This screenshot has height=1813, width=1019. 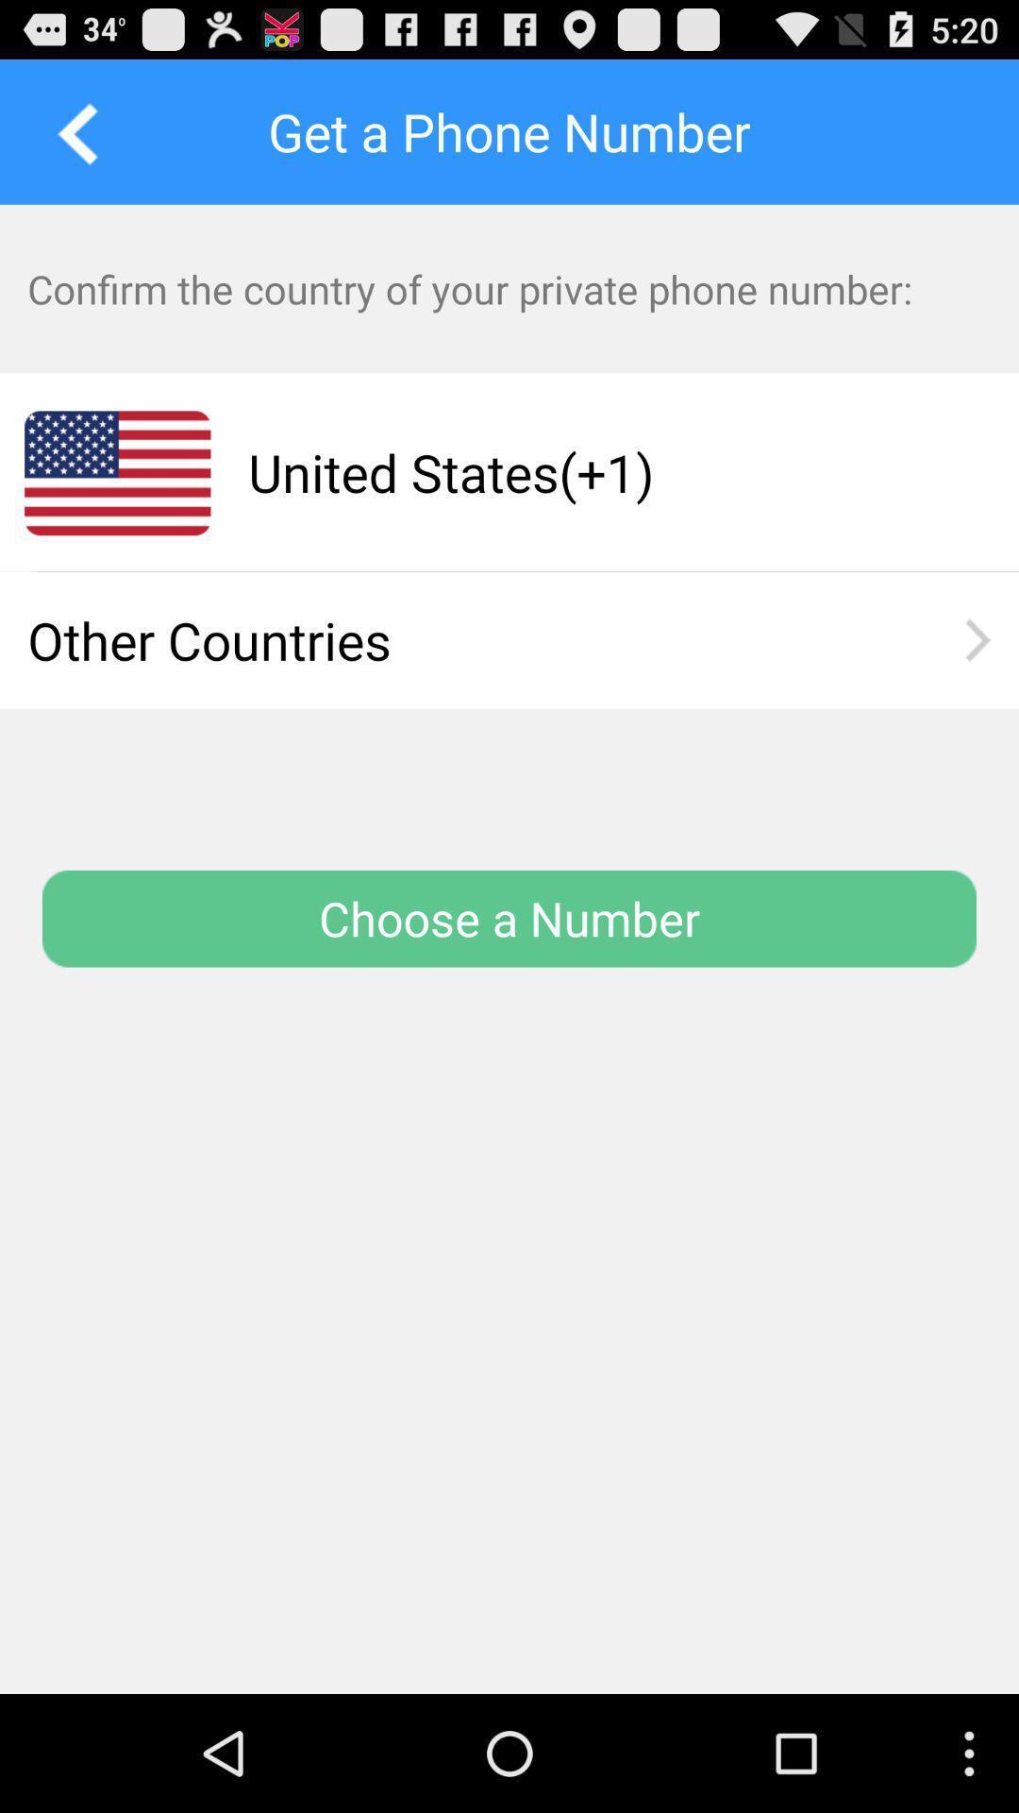 What do you see at coordinates (71, 130) in the screenshot?
I see `go back` at bounding box center [71, 130].